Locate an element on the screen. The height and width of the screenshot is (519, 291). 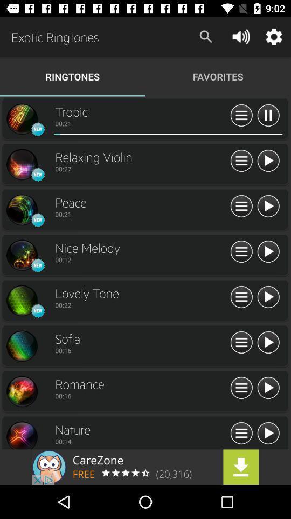
icon which is next to nice melody is located at coordinates (241, 252).